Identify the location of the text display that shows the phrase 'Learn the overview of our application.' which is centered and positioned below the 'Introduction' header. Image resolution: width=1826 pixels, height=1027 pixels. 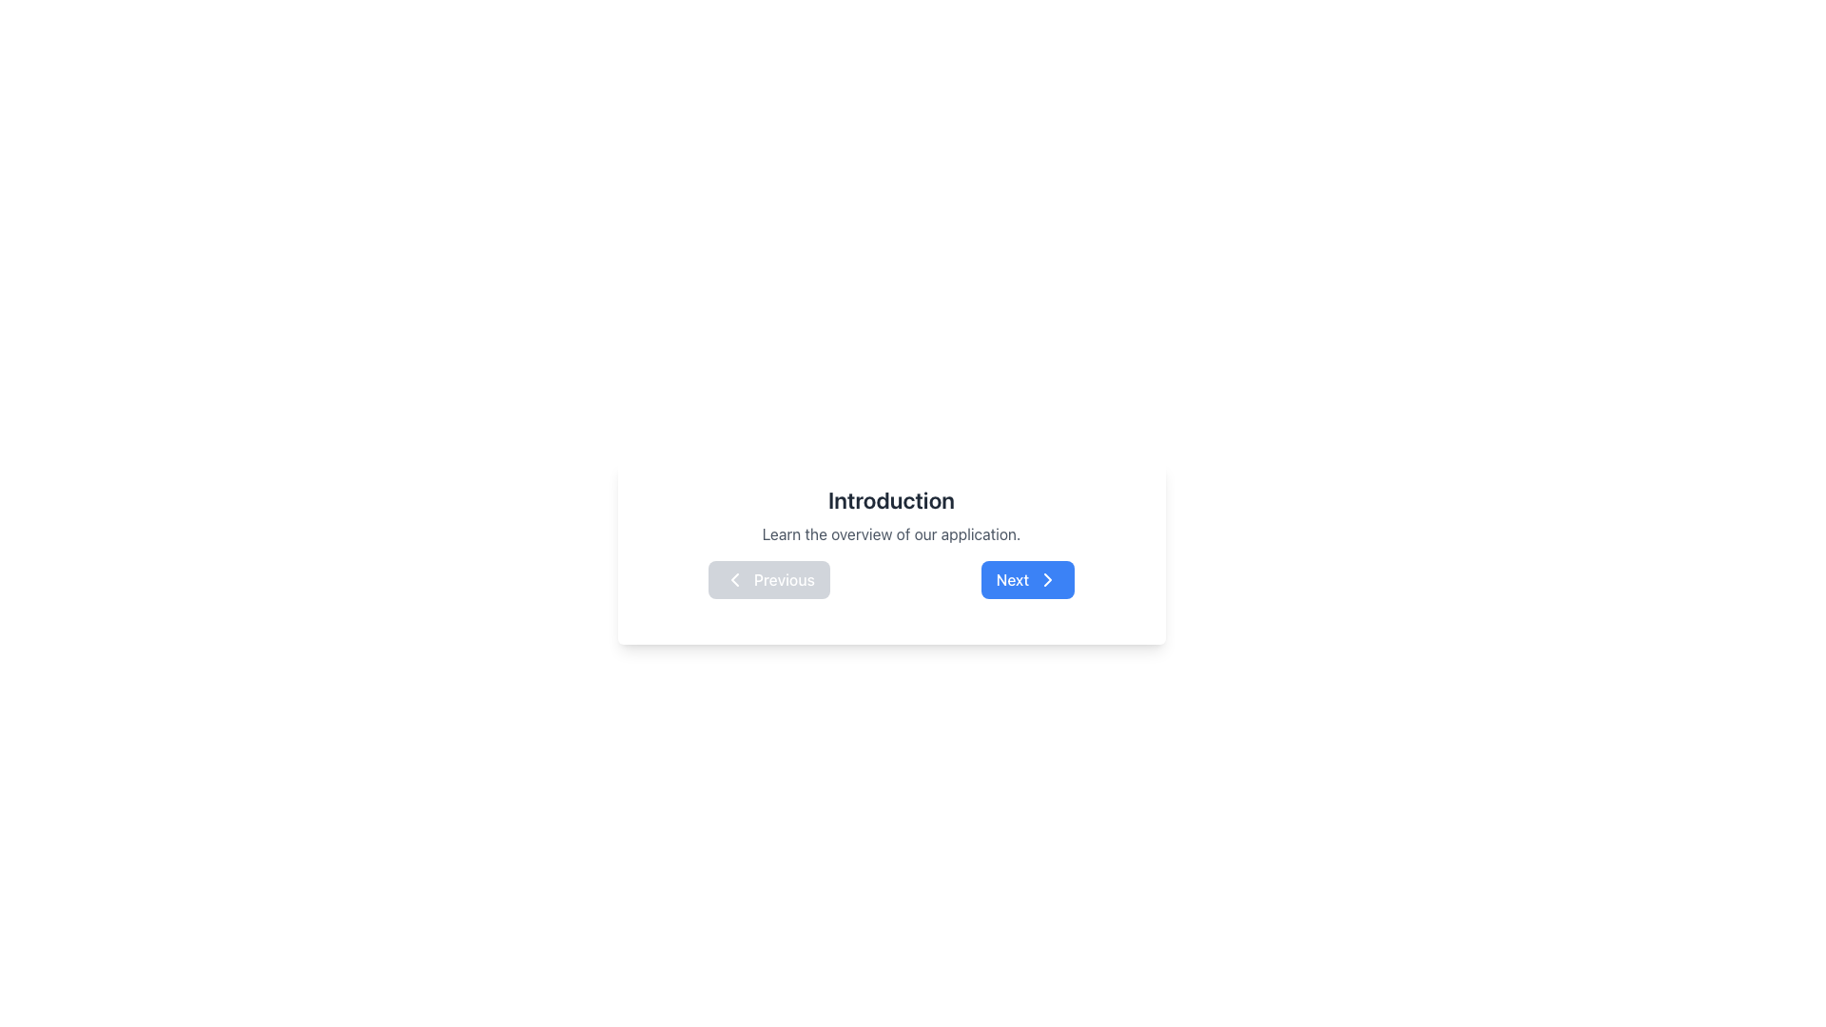
(890, 534).